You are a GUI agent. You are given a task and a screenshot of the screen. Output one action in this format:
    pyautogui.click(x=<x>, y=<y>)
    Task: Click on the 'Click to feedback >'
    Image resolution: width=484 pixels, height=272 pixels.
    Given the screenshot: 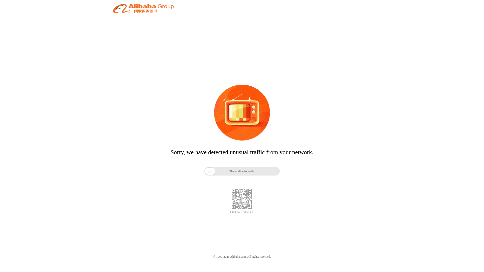 What is the action you would take?
    pyautogui.click(x=242, y=212)
    